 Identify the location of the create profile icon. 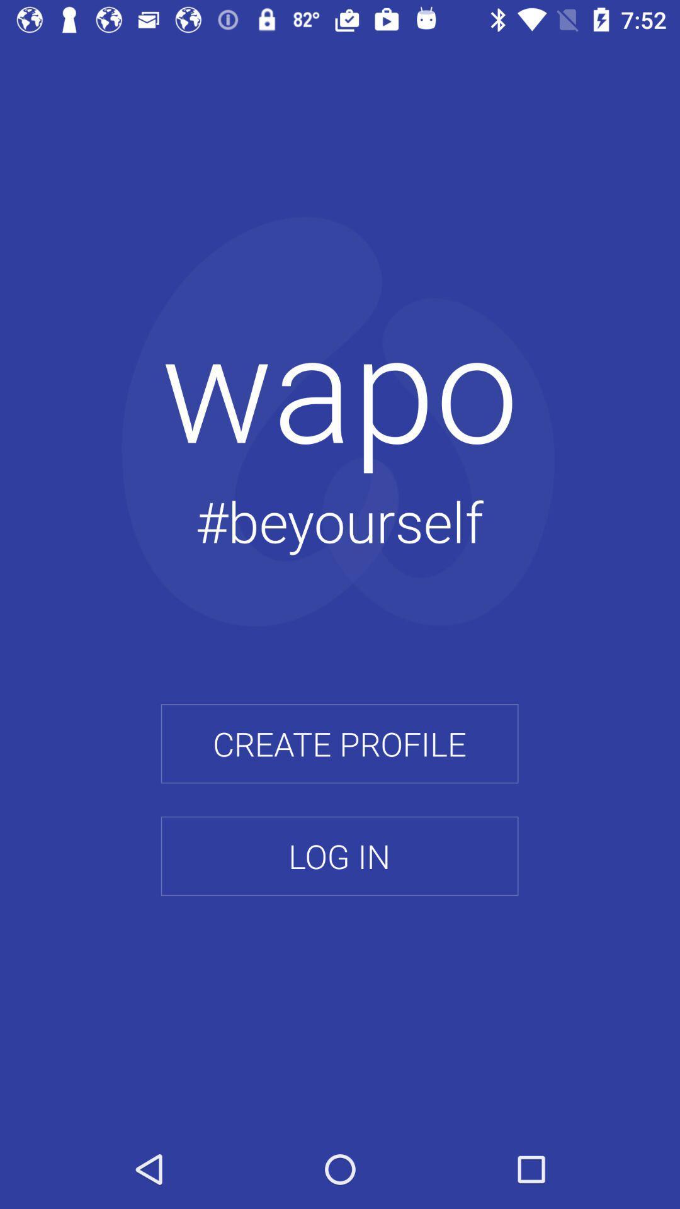
(339, 744).